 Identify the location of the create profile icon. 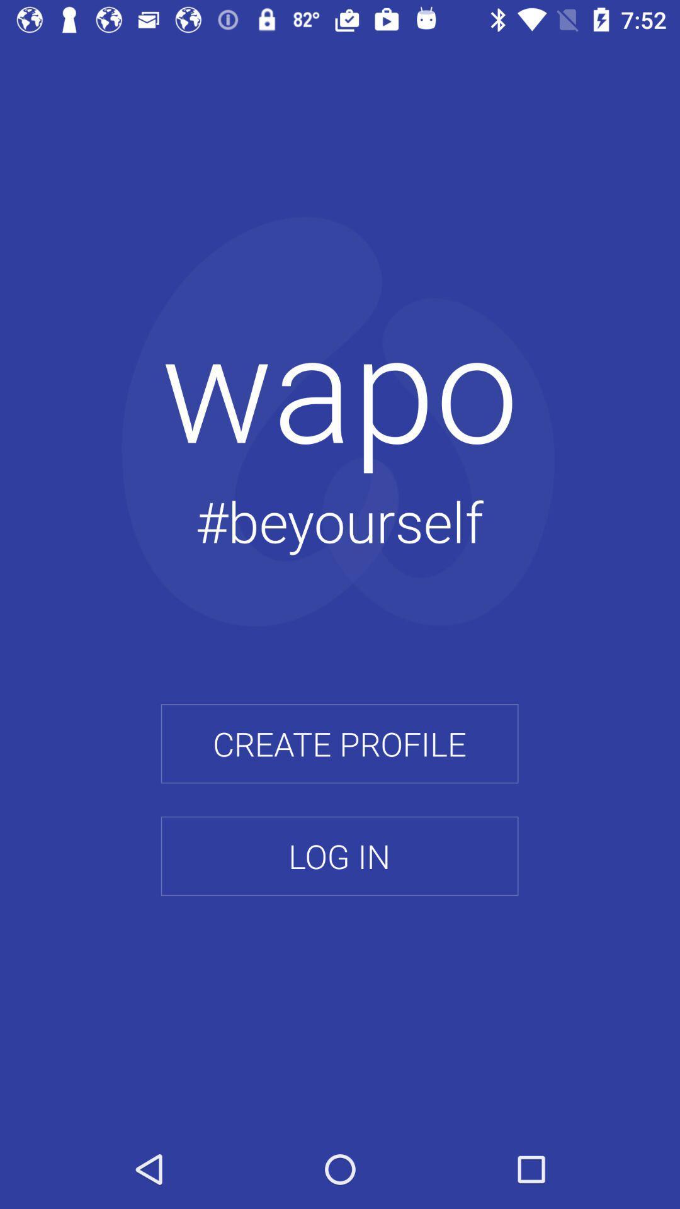
(339, 744).